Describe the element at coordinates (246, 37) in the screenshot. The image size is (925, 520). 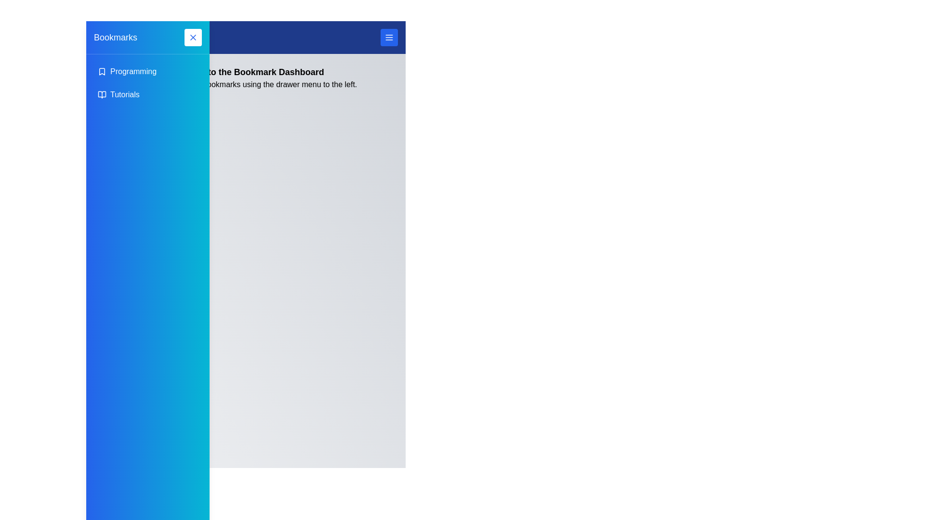
I see `the blue rectangular banner labeled 'Dashboard' at the top of the interface` at that location.